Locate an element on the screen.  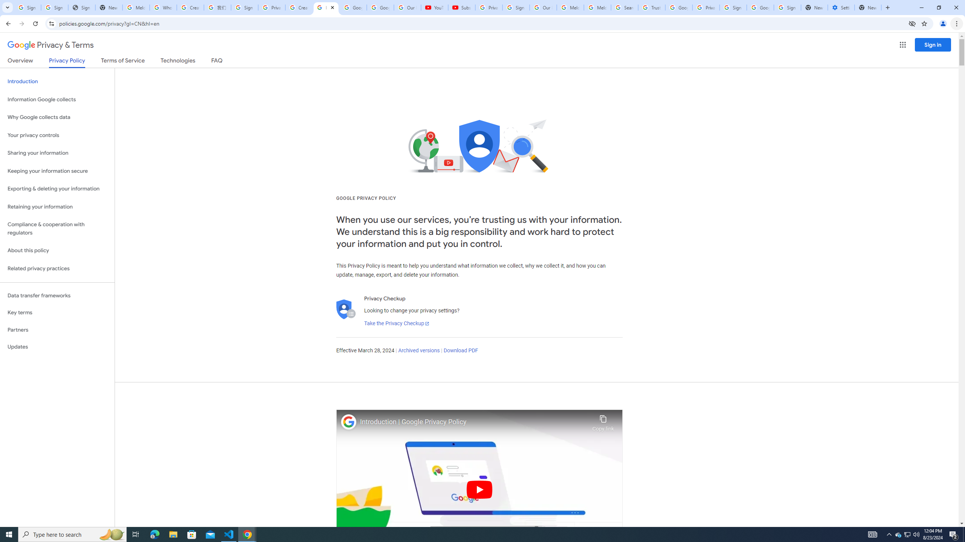
'Download PDF' is located at coordinates (461, 350).